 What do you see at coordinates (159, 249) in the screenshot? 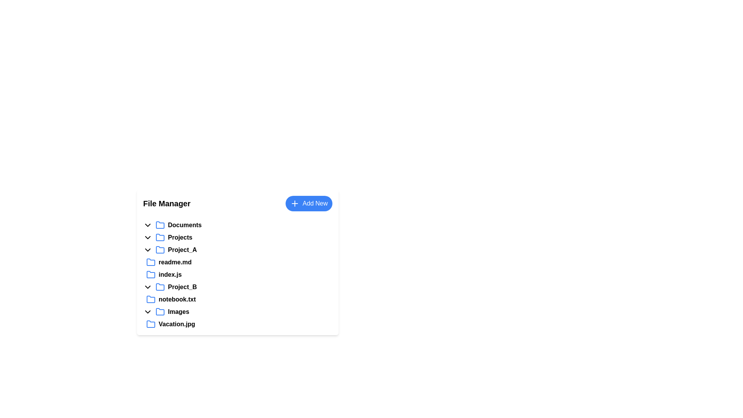
I see `the blue folder icon next` at bounding box center [159, 249].